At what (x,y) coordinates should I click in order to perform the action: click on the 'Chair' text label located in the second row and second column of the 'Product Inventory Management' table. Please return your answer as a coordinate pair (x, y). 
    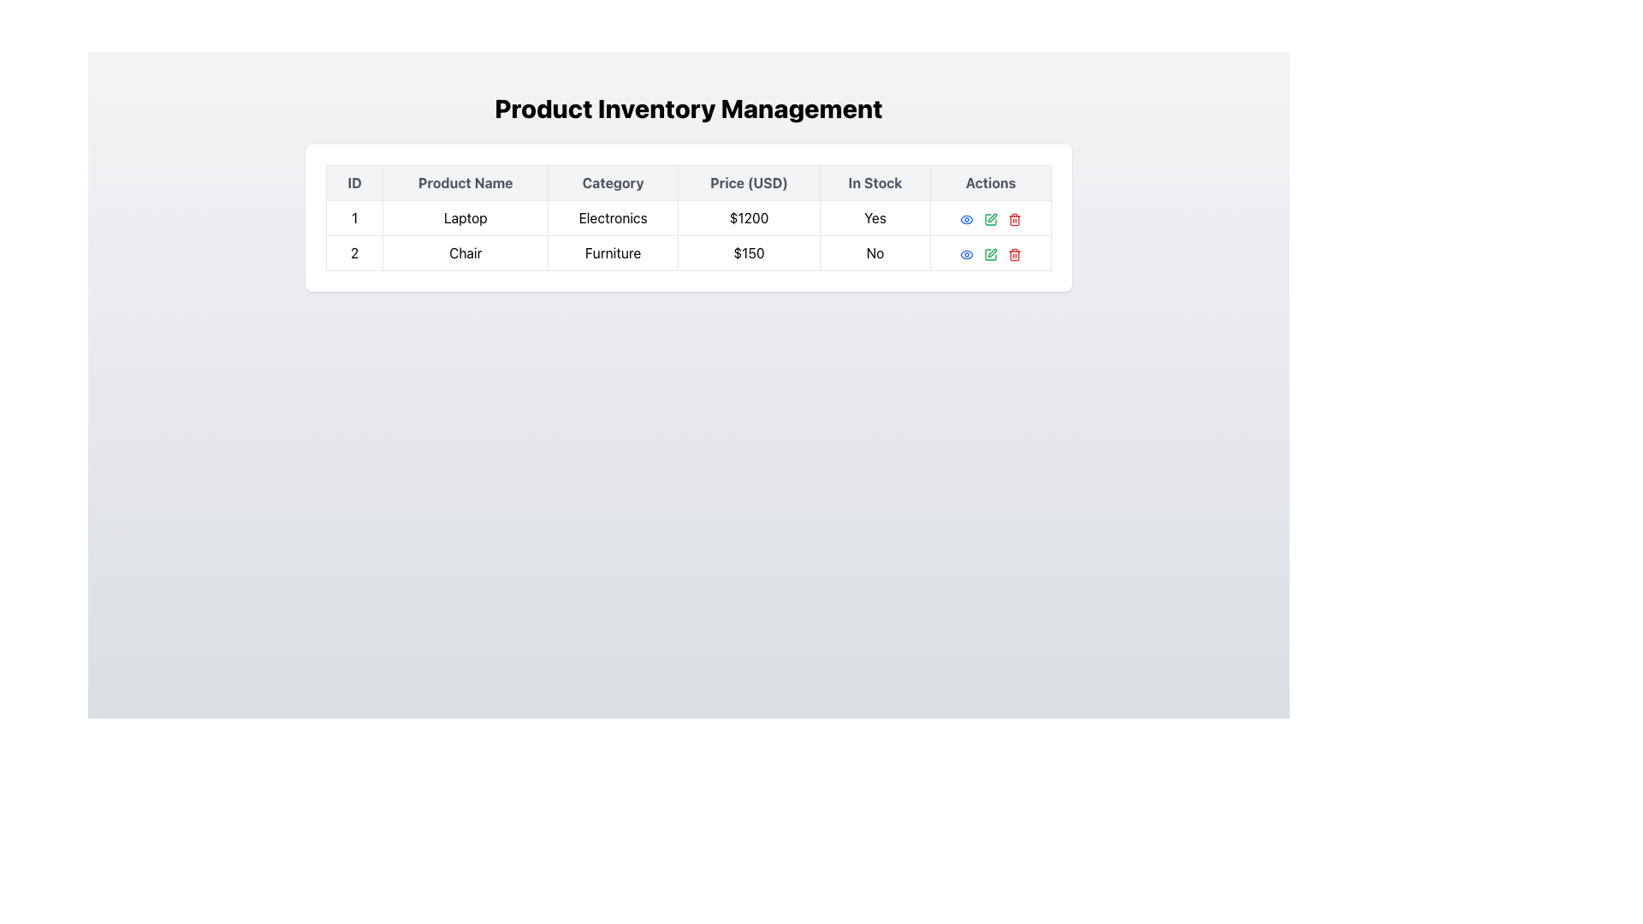
    Looking at the image, I should click on (466, 253).